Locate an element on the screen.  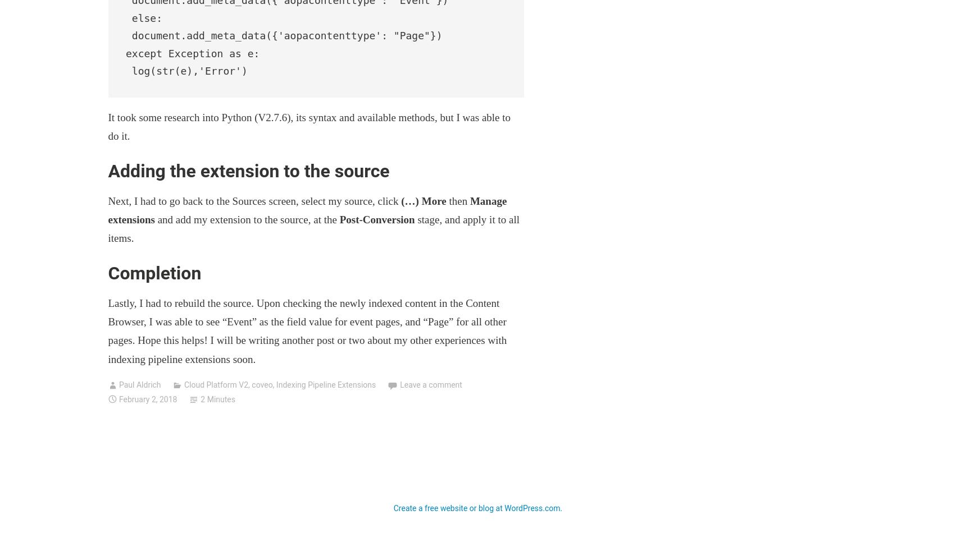
'(…) More' is located at coordinates (422, 200).